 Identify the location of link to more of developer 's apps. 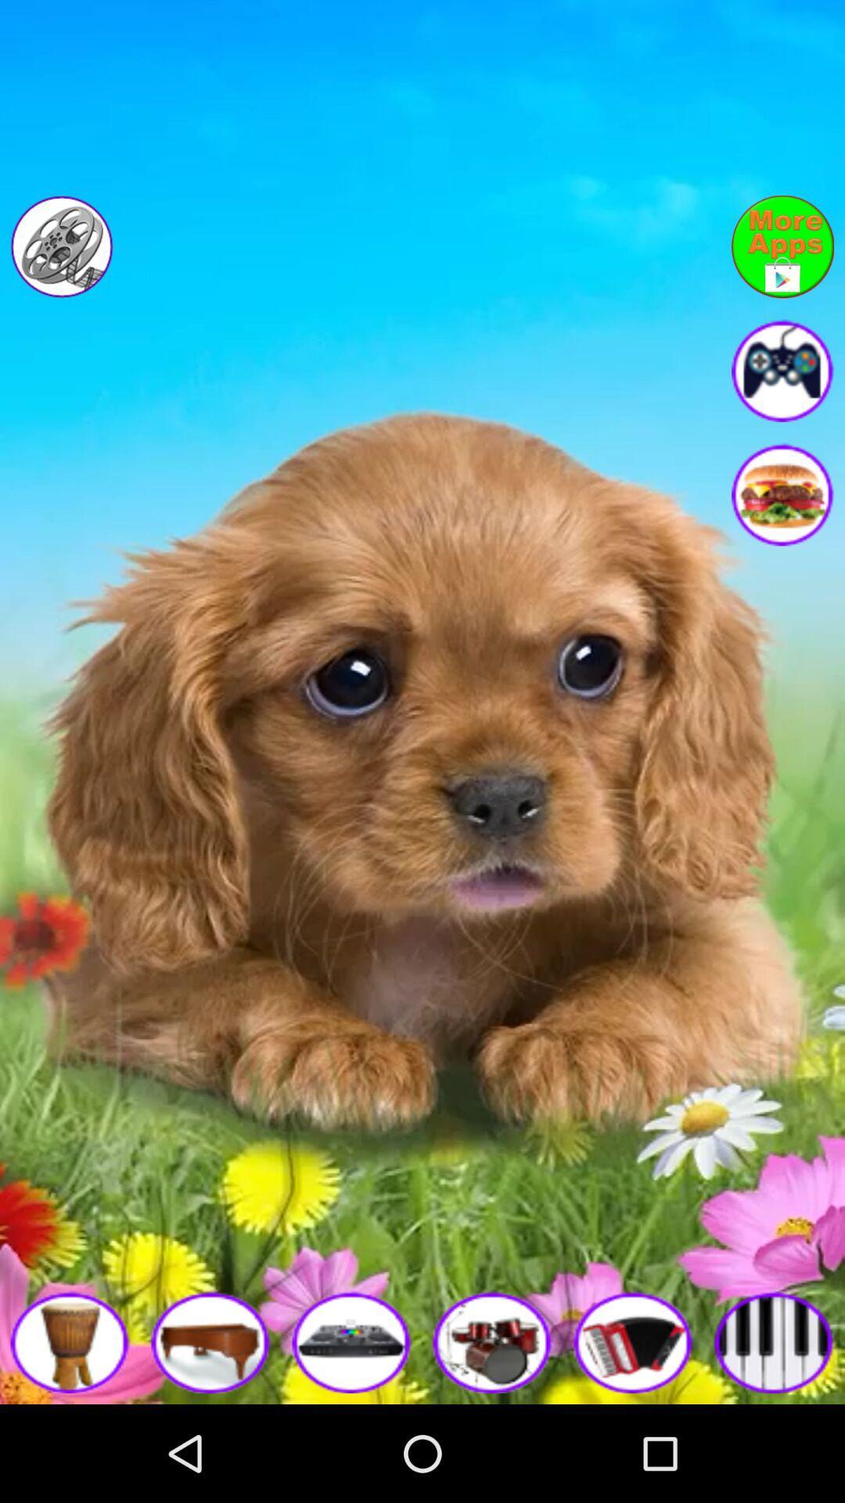
(782, 246).